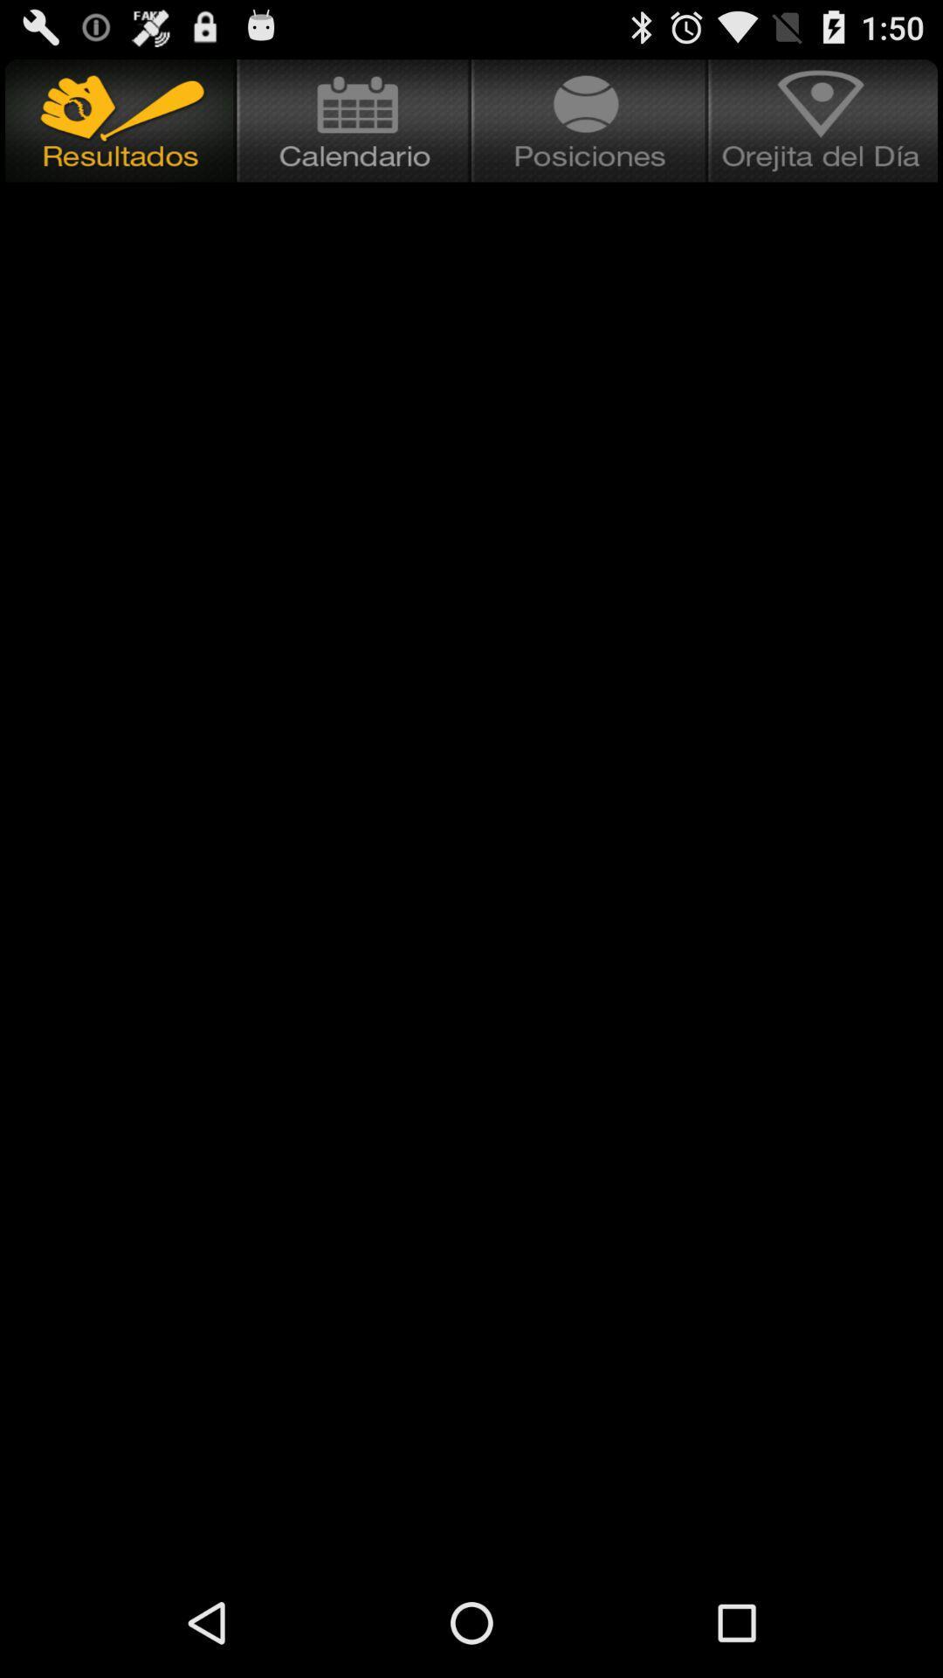  What do you see at coordinates (354, 120) in the screenshot?
I see `open calendar` at bounding box center [354, 120].